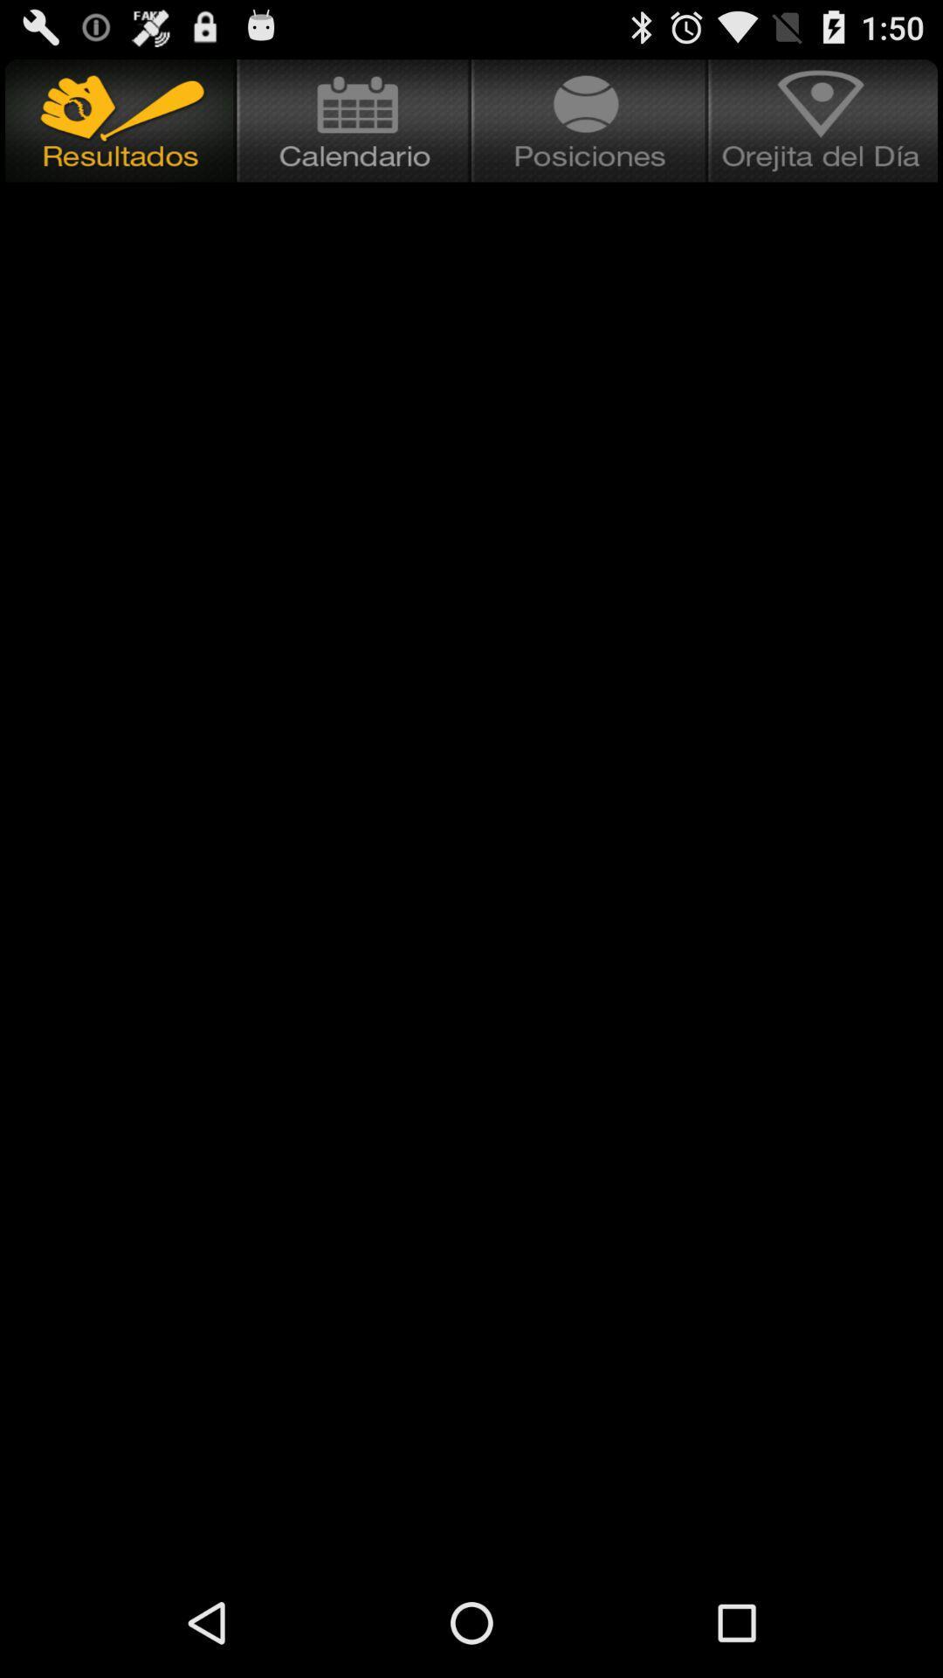  What do you see at coordinates (354, 120) in the screenshot?
I see `open calendar` at bounding box center [354, 120].